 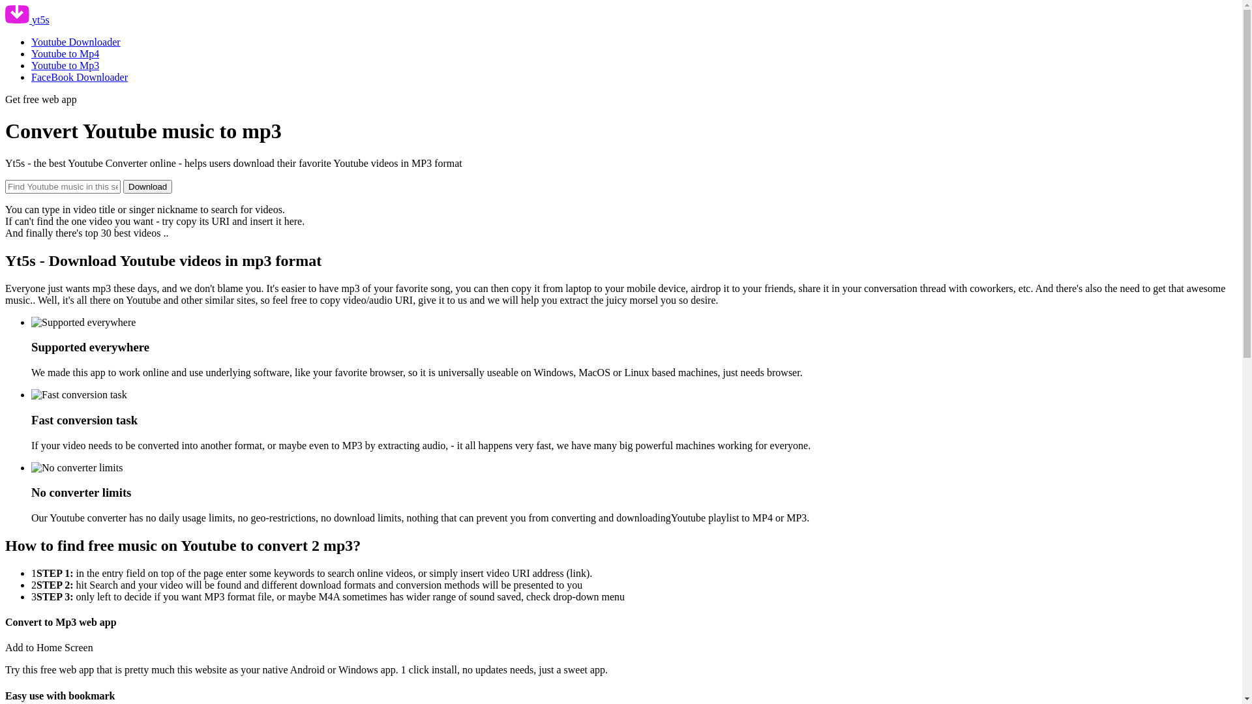 I want to click on 'Download', so click(x=147, y=186).